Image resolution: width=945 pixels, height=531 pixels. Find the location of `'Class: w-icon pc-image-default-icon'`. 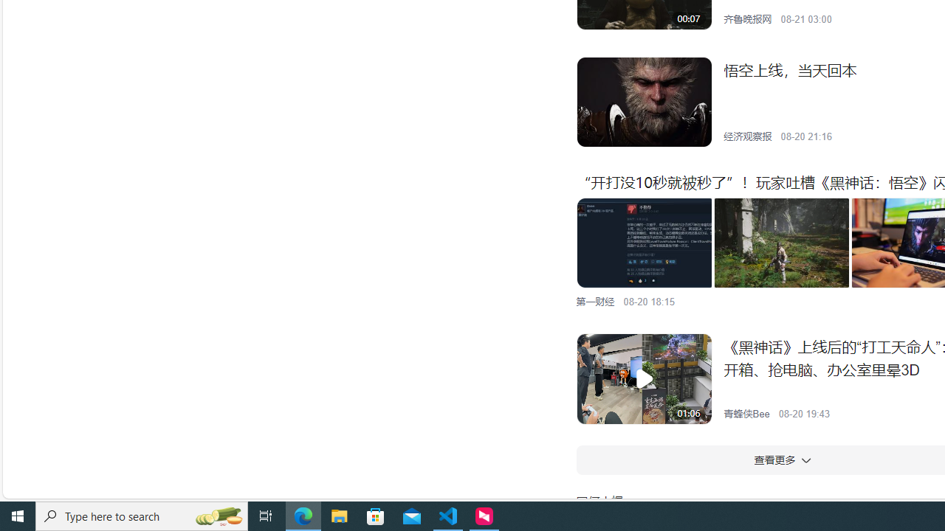

'Class: w-icon pc-image-default-icon' is located at coordinates (644, 378).